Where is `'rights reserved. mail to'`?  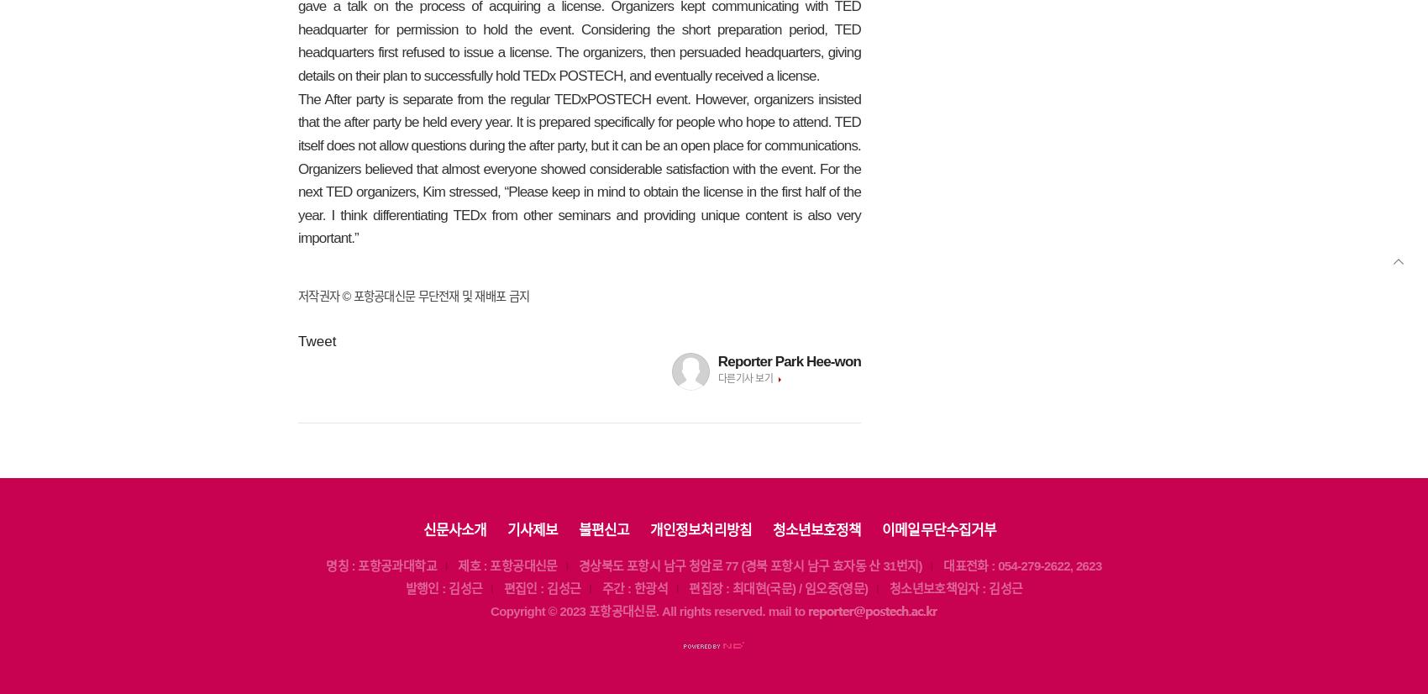
'rights reserved. mail to' is located at coordinates (742, 611).